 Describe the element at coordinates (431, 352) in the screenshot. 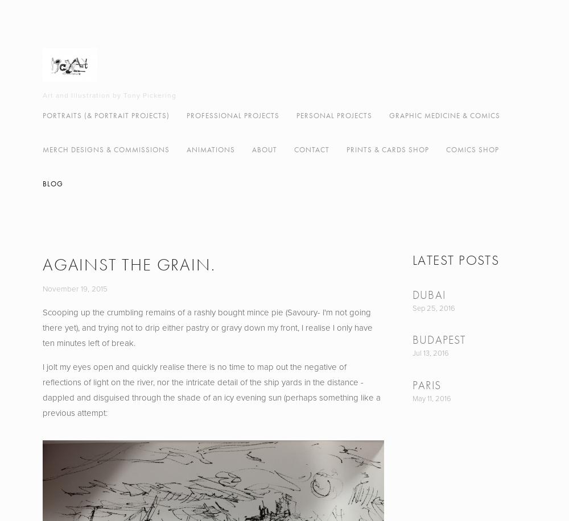

I see `'Jul 13, 2016'` at that location.